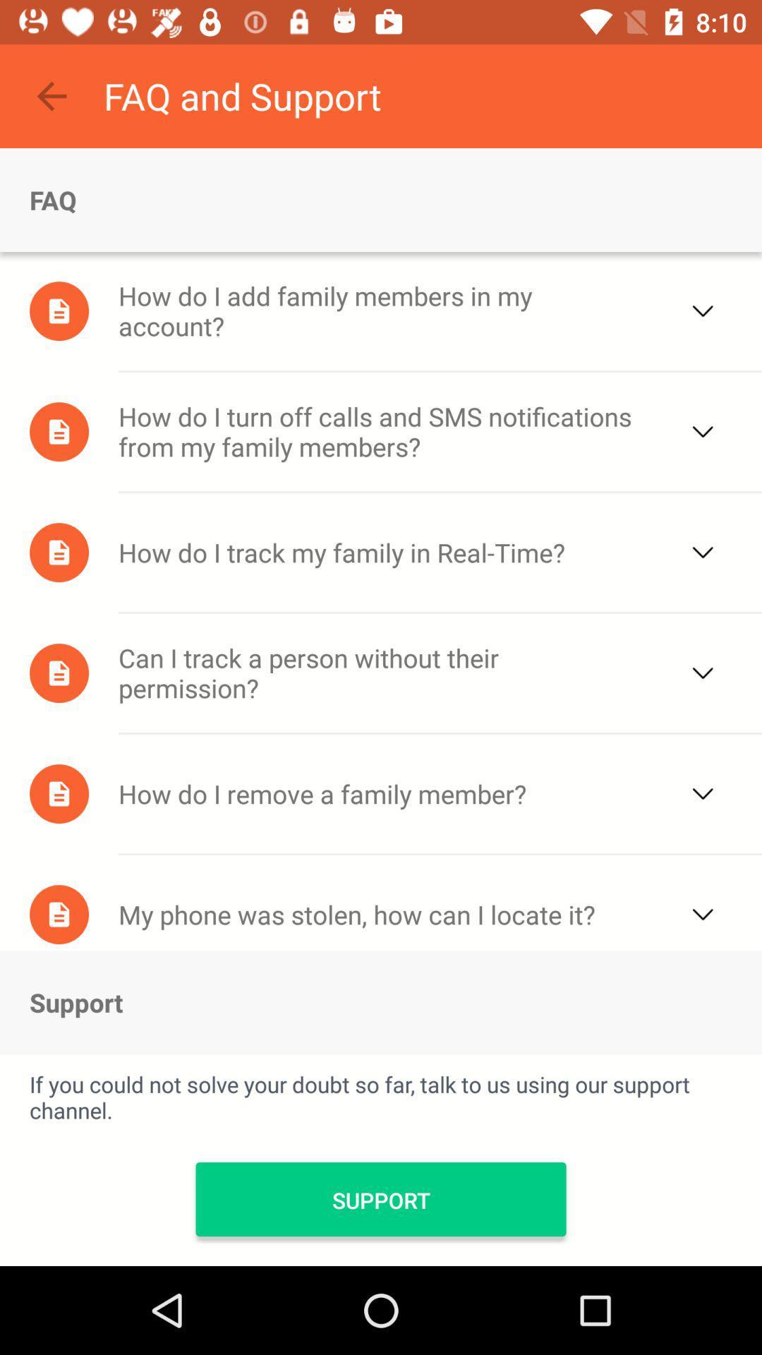 Image resolution: width=762 pixels, height=1355 pixels. Describe the element at coordinates (51, 95) in the screenshot. I see `the item to the left of faq and support icon` at that location.